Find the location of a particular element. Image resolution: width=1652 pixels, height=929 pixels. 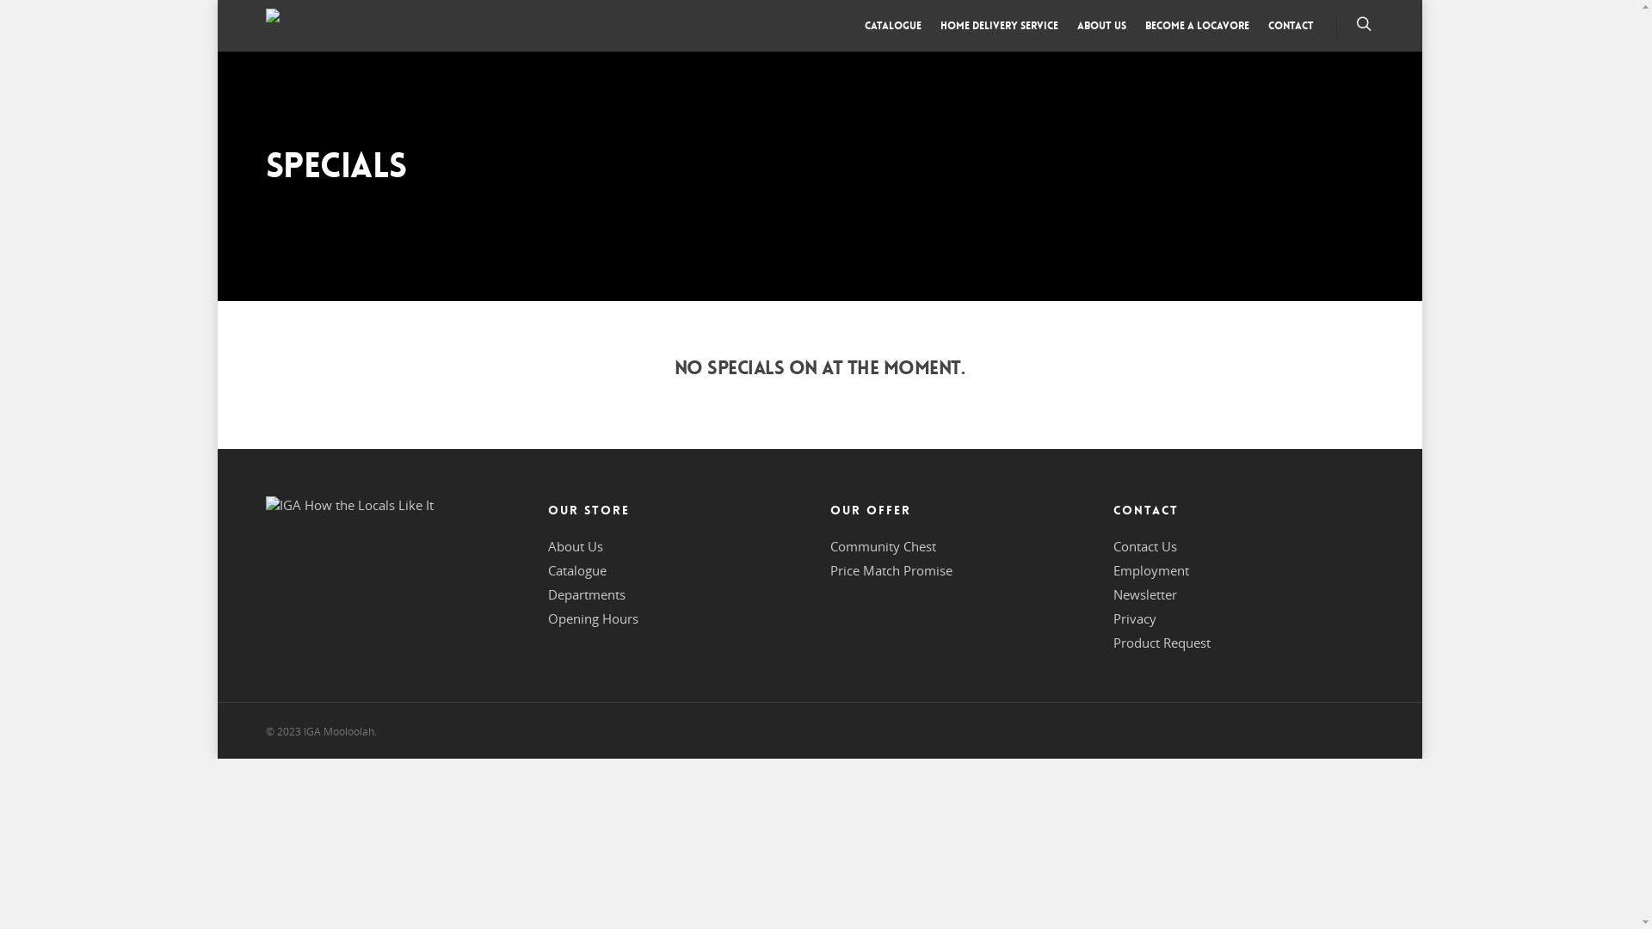

'Privacy' is located at coordinates (1135, 617).